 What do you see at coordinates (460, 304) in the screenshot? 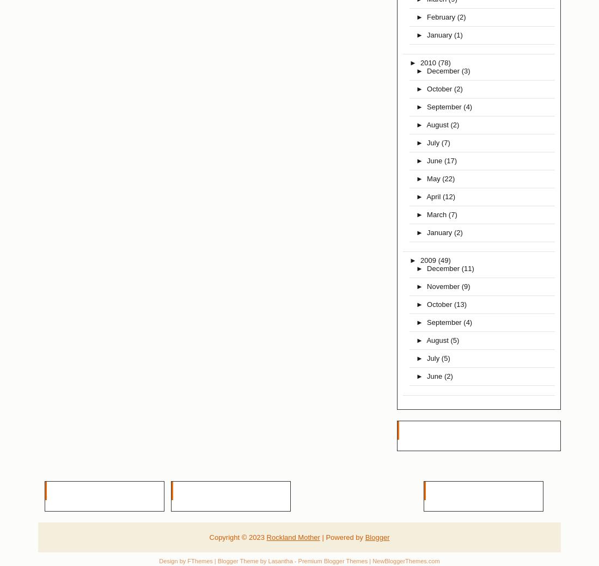
I see `'(13)'` at bounding box center [460, 304].